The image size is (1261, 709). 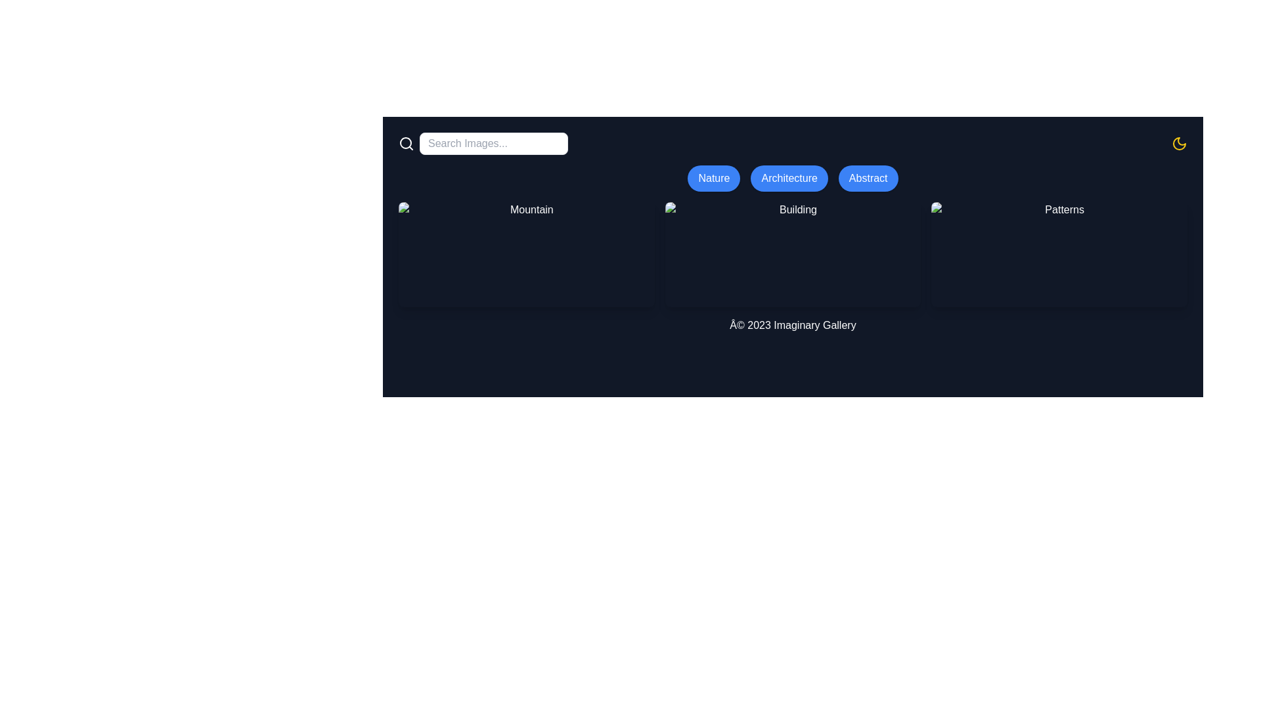 What do you see at coordinates (792, 179) in the screenshot?
I see `the second button in the button group located underneath the search bar, which allows users to select a category for a filtered view` at bounding box center [792, 179].